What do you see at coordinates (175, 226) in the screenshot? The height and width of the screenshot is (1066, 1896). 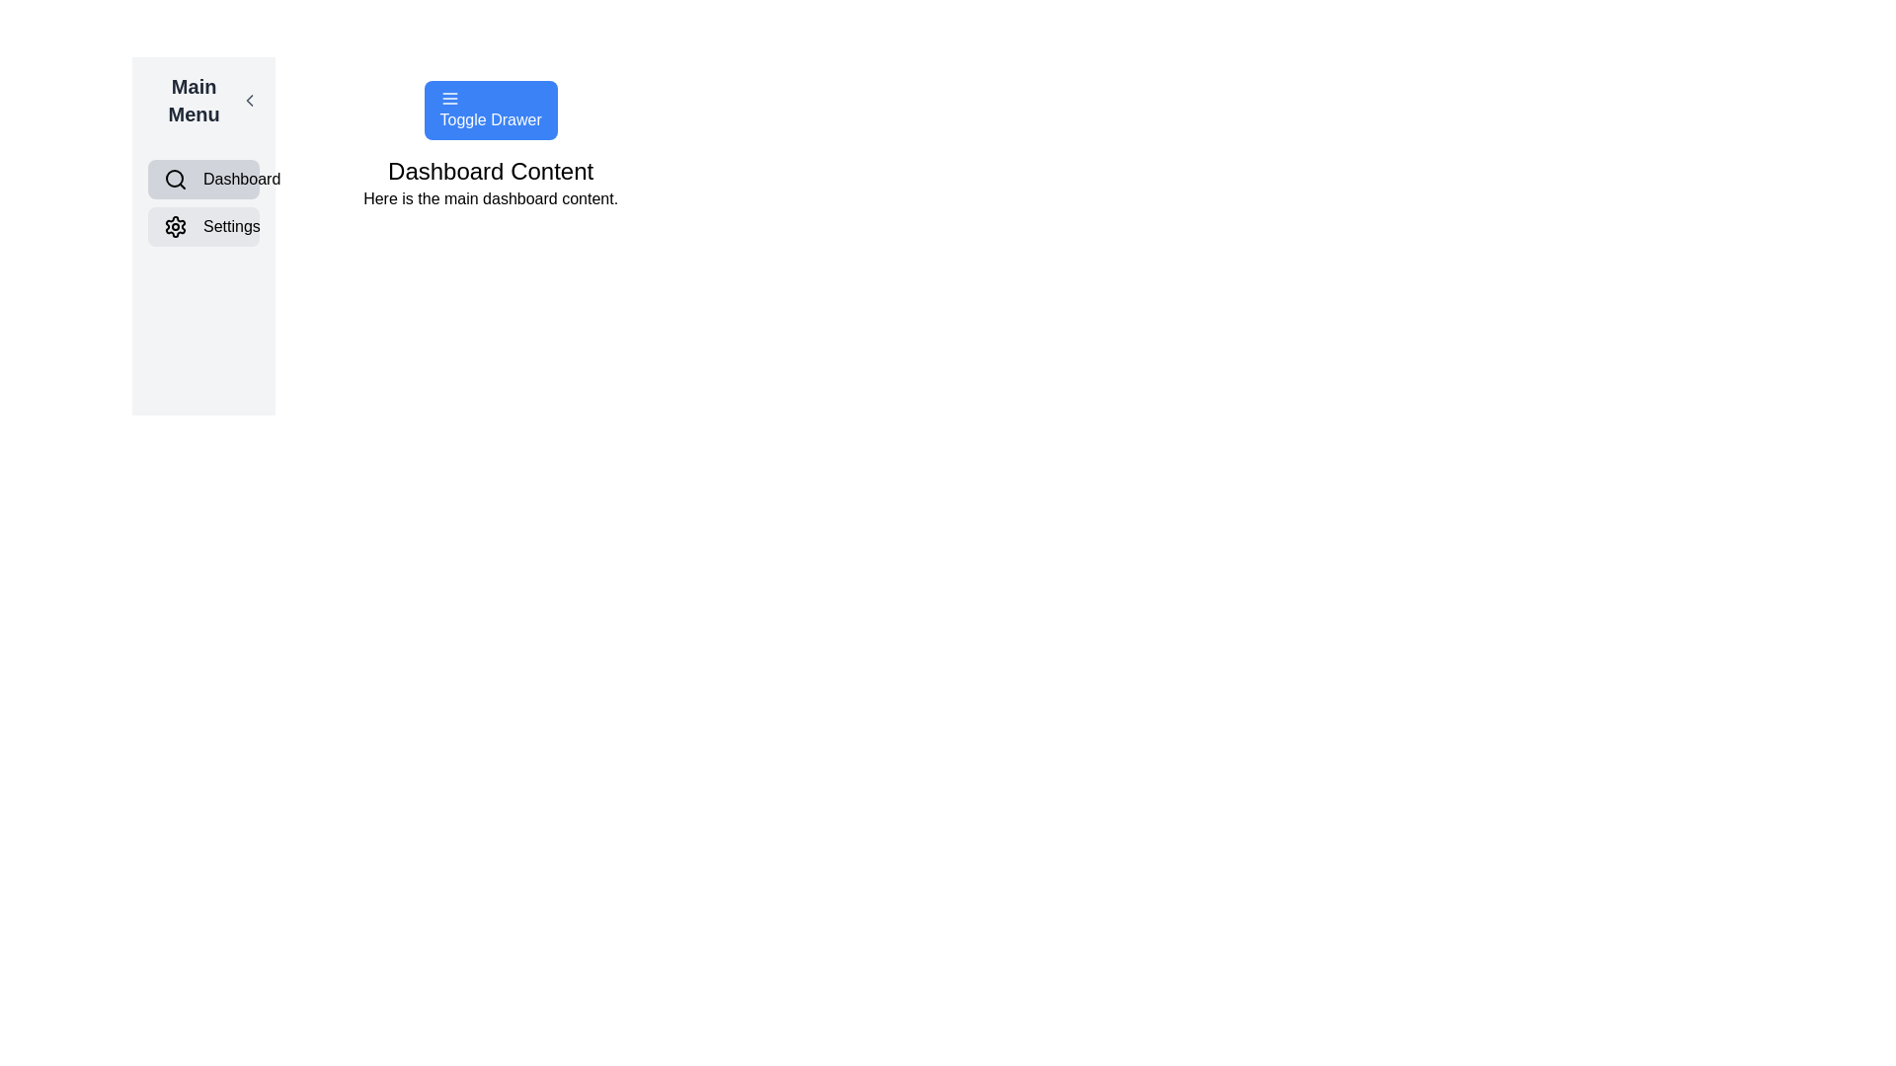 I see `the 'Settings' icon in the navigation sidebar, which is represented by a gear-like SVG shape positioned near the bottom of the menu` at bounding box center [175, 226].